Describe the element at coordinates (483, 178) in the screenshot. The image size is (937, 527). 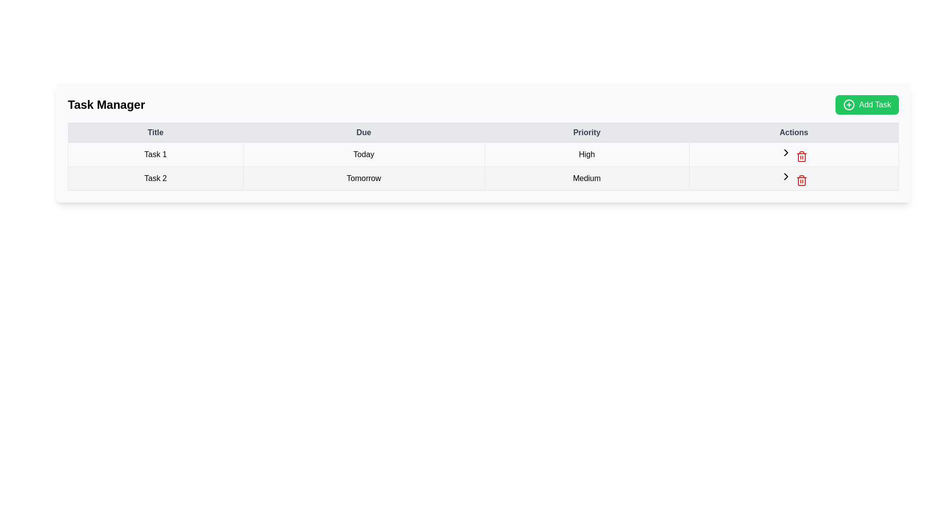
I see `the second row of the task management table containing 'Task 2', 'Tomorrow', and 'Medium' priority` at that location.